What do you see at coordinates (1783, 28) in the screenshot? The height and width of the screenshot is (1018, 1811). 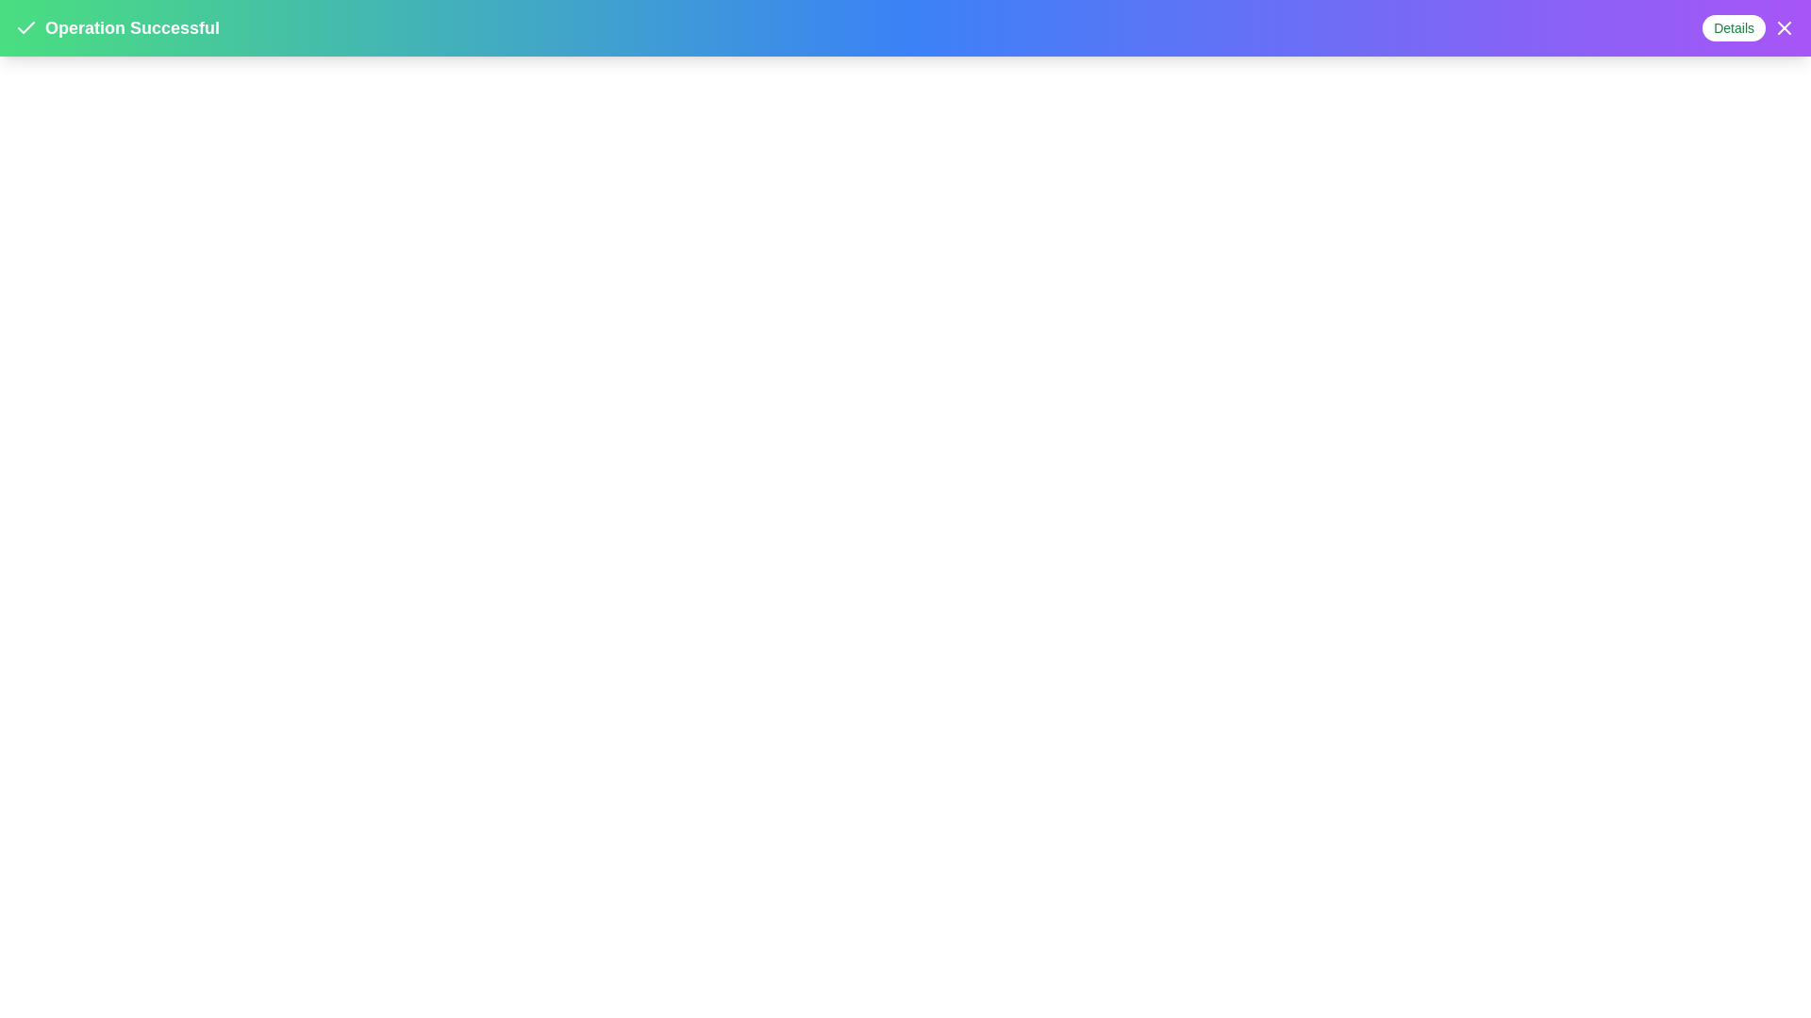 I see `the SVG close button, represented by a cross ('x') icon, located at the top-right corner of the interface` at bounding box center [1783, 28].